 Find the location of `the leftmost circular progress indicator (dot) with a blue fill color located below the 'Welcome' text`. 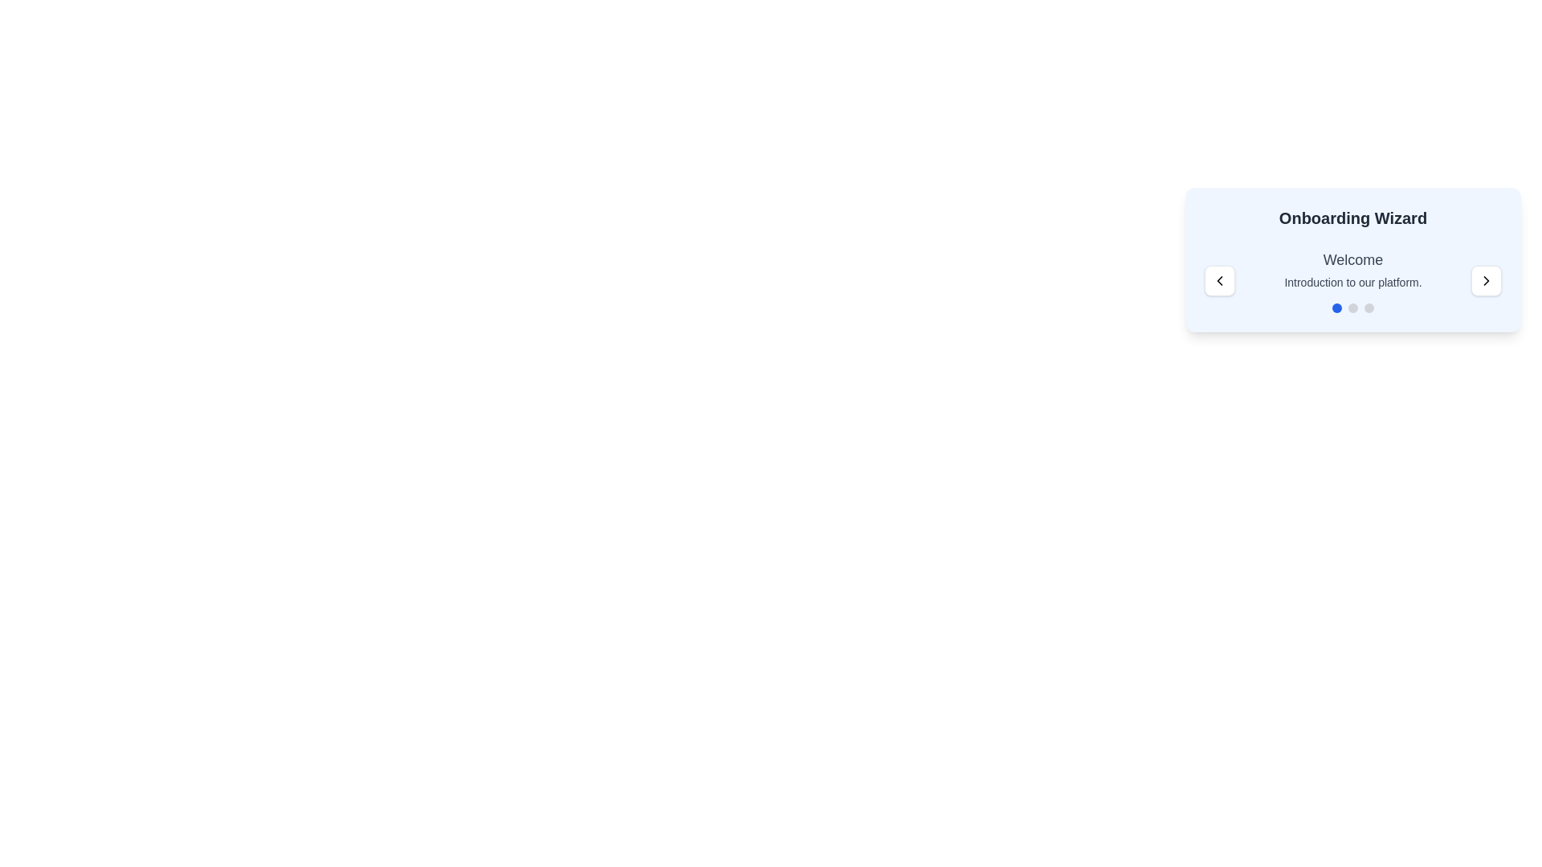

the leftmost circular progress indicator (dot) with a blue fill color located below the 'Welcome' text is located at coordinates (1337, 308).